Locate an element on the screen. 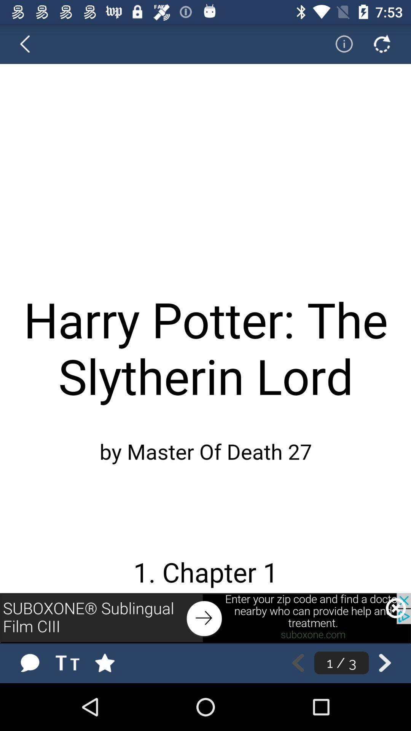  the refresh icon is located at coordinates (382, 43).